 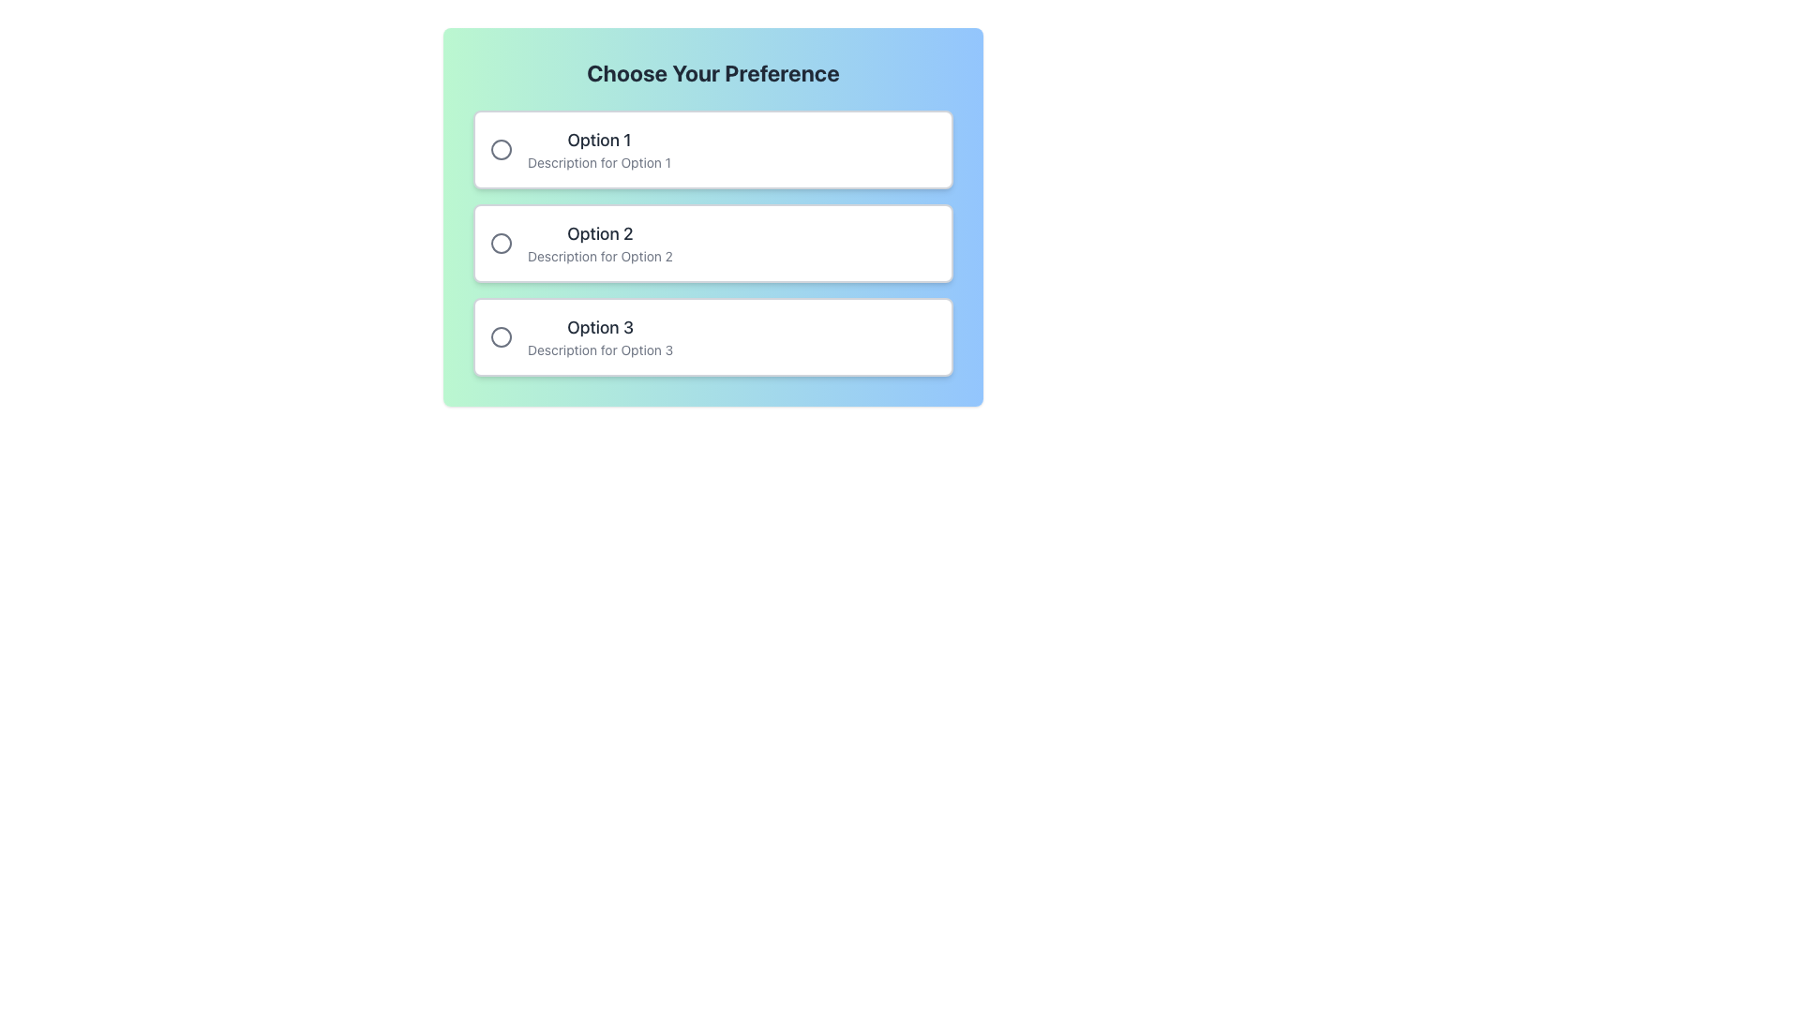 I want to click on the circular radio button outlined with a gray stroke, part of the list option labeled 'Option 2', so click(x=501, y=242).